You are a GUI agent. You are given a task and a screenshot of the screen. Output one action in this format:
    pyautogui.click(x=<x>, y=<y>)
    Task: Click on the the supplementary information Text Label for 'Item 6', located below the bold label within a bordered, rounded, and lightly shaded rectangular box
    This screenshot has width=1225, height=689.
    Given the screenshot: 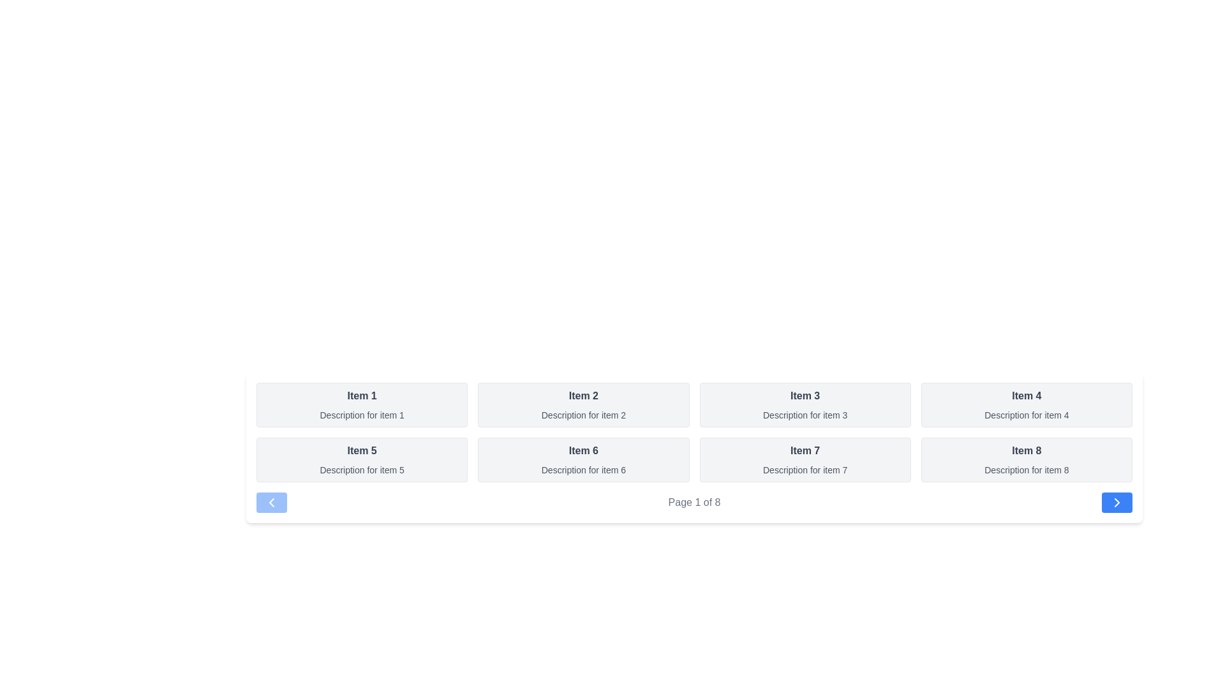 What is the action you would take?
    pyautogui.click(x=583, y=470)
    